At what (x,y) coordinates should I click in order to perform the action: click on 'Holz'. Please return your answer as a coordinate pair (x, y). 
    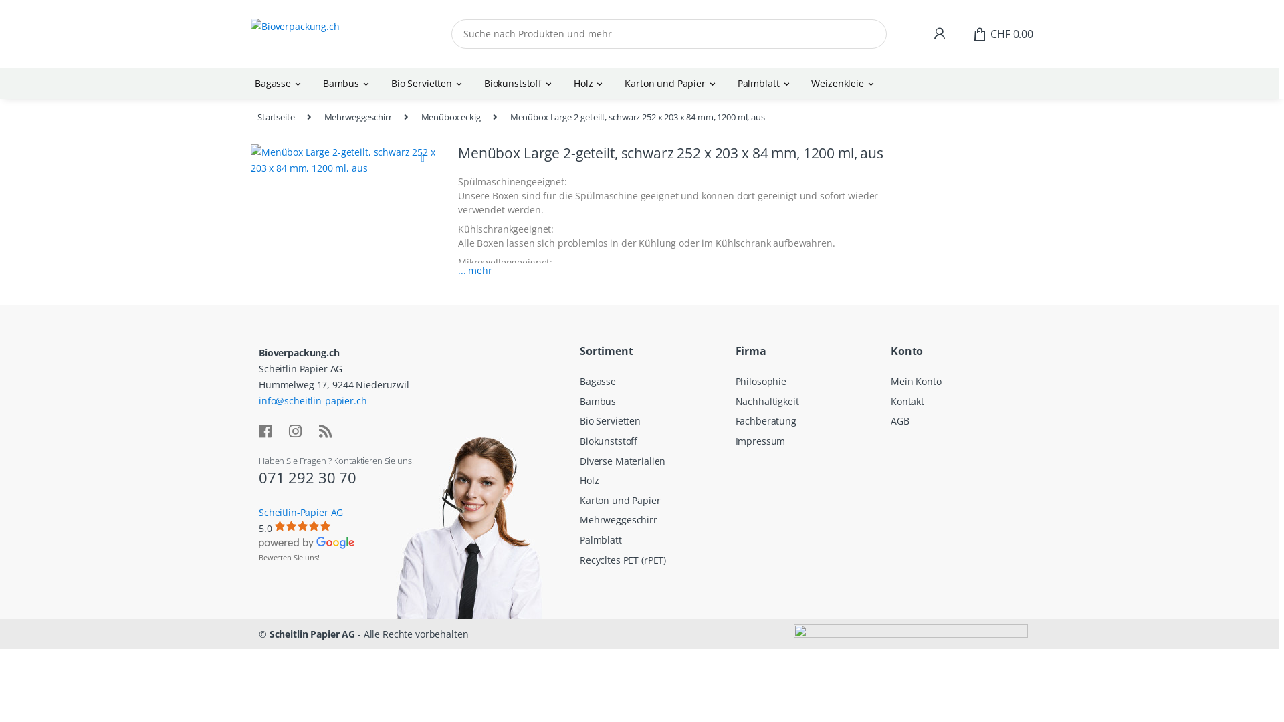
    Looking at the image, I should click on (588, 479).